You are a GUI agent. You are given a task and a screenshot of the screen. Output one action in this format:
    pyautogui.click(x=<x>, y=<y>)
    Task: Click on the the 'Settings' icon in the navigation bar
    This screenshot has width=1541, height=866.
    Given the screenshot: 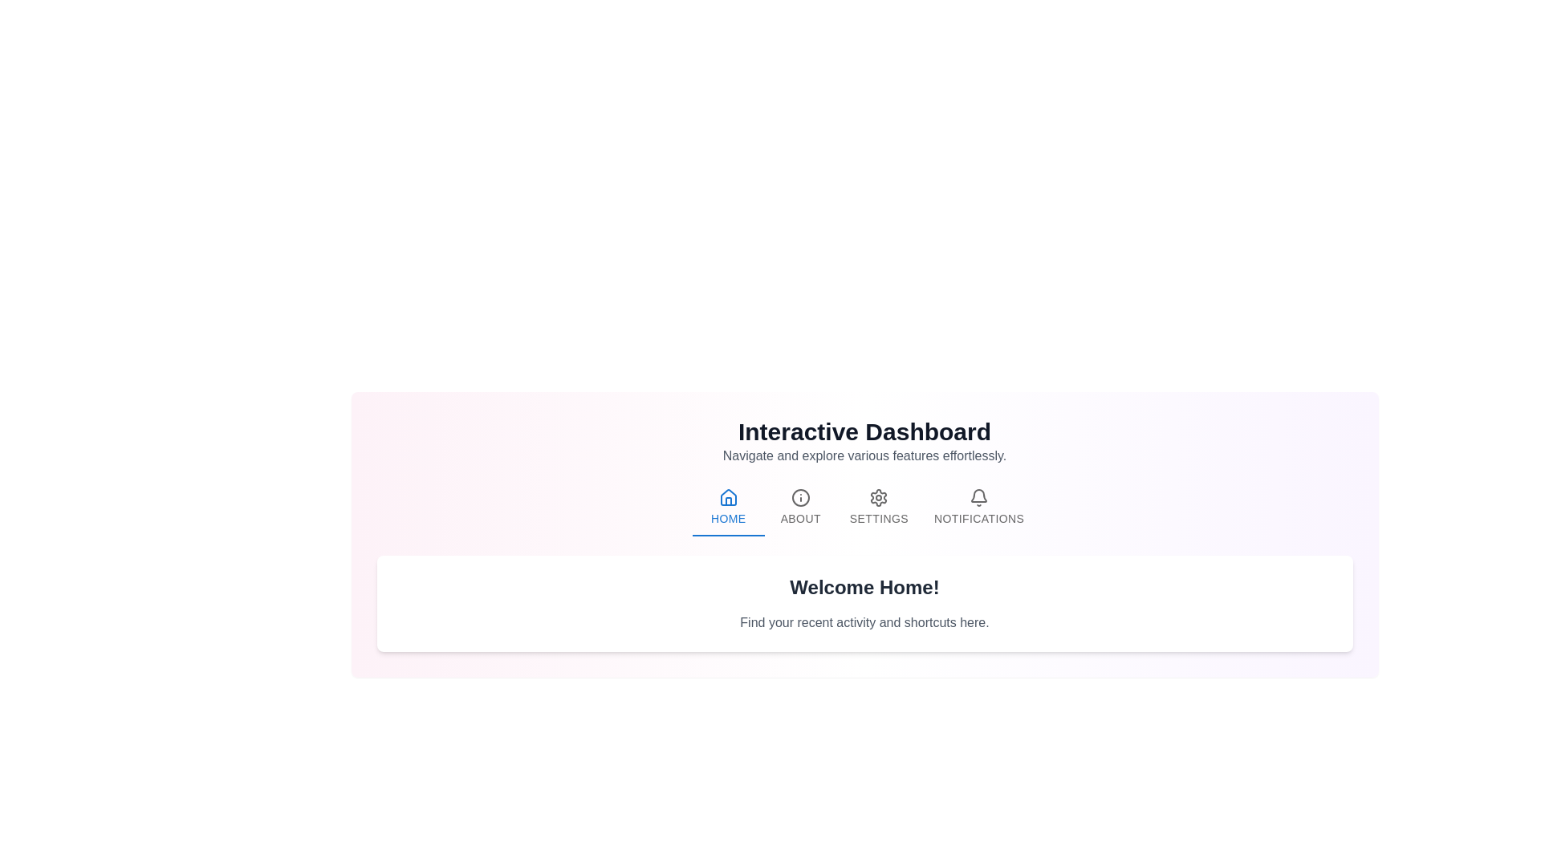 What is the action you would take?
    pyautogui.click(x=878, y=497)
    